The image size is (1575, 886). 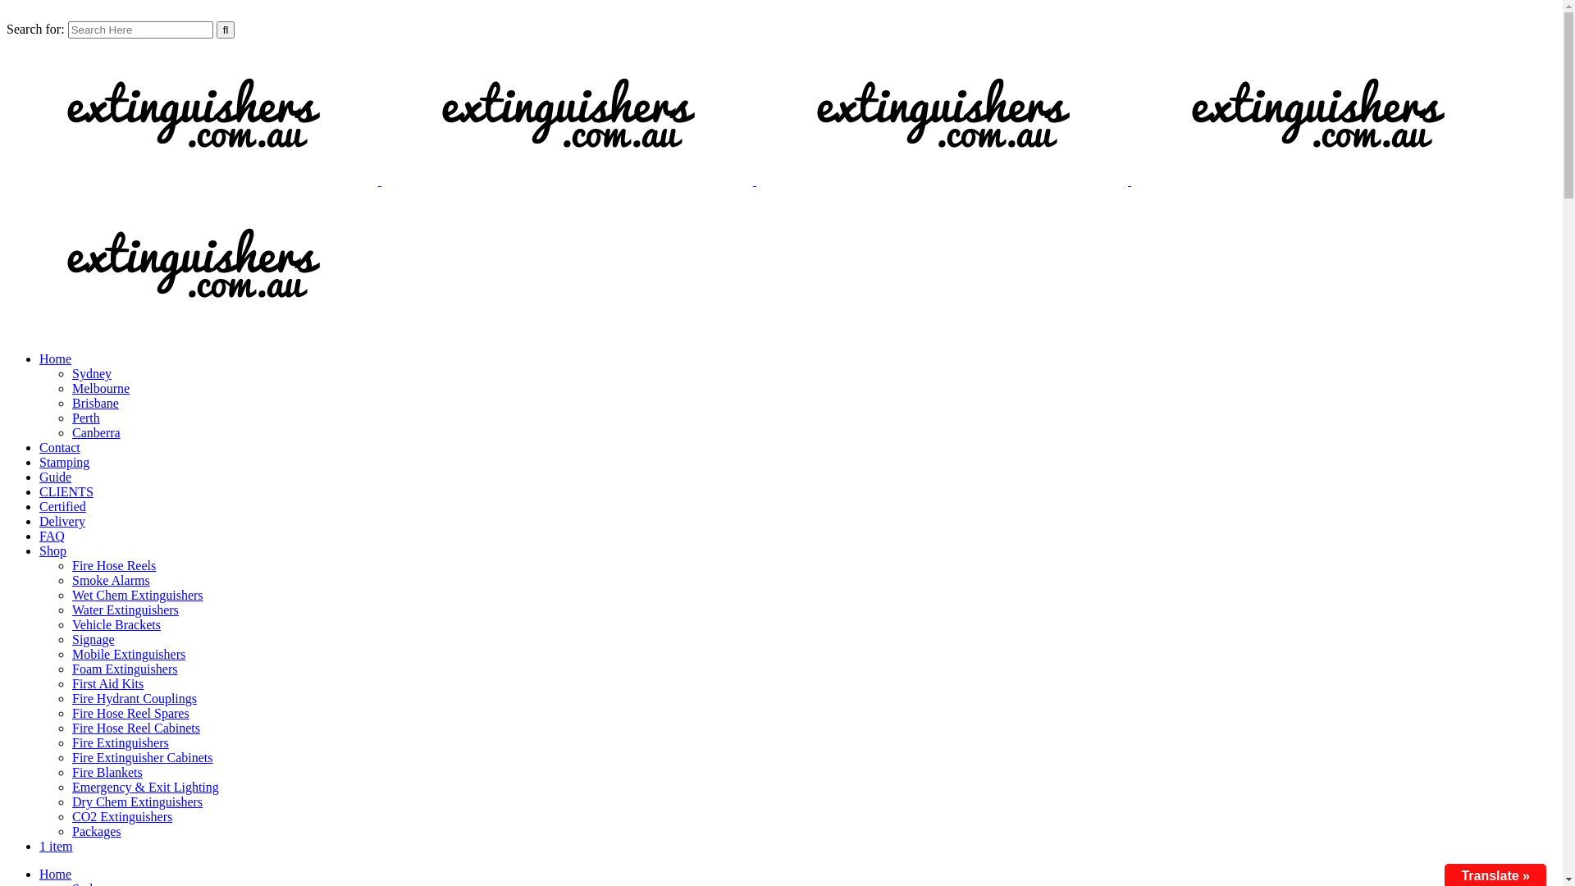 I want to click on 'Fire Hose Reel Spares', so click(x=130, y=712).